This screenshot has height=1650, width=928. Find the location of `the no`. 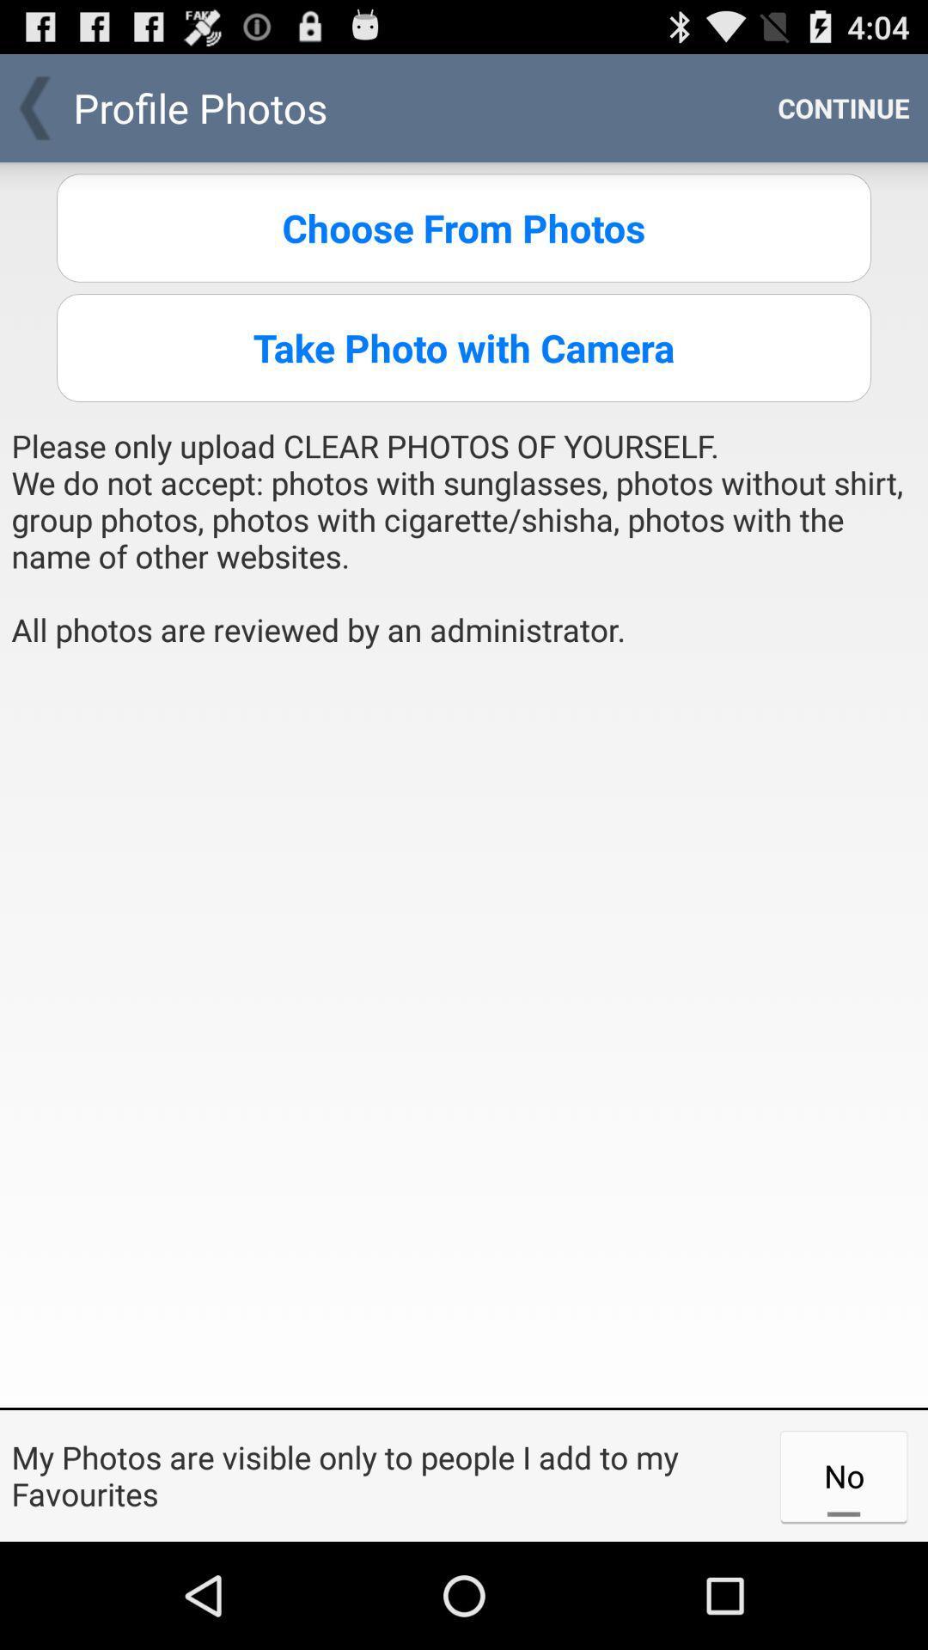

the no is located at coordinates (843, 1475).